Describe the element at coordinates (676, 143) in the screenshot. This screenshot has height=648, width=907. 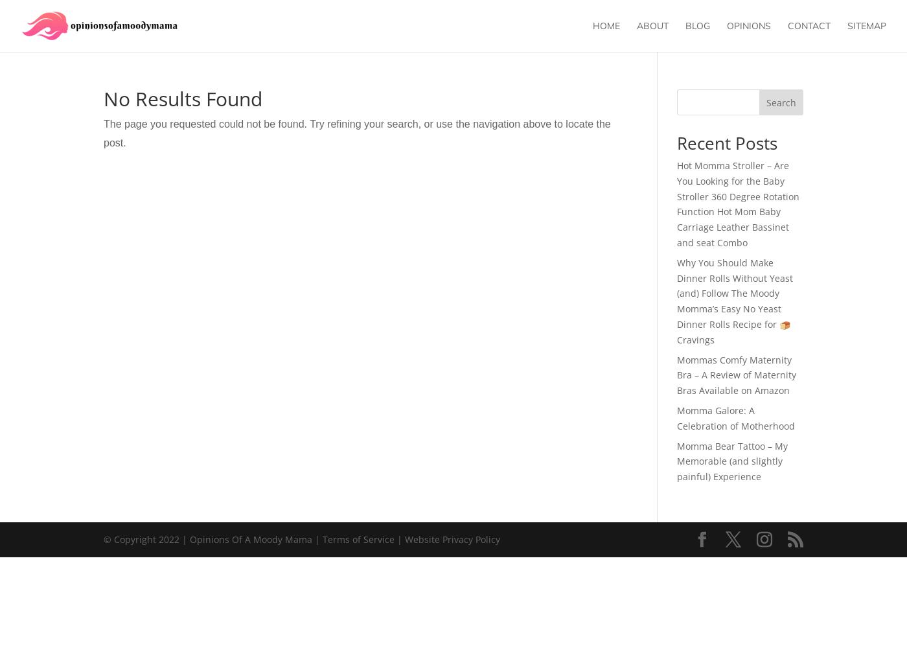
I see `'Recent Posts'` at that location.